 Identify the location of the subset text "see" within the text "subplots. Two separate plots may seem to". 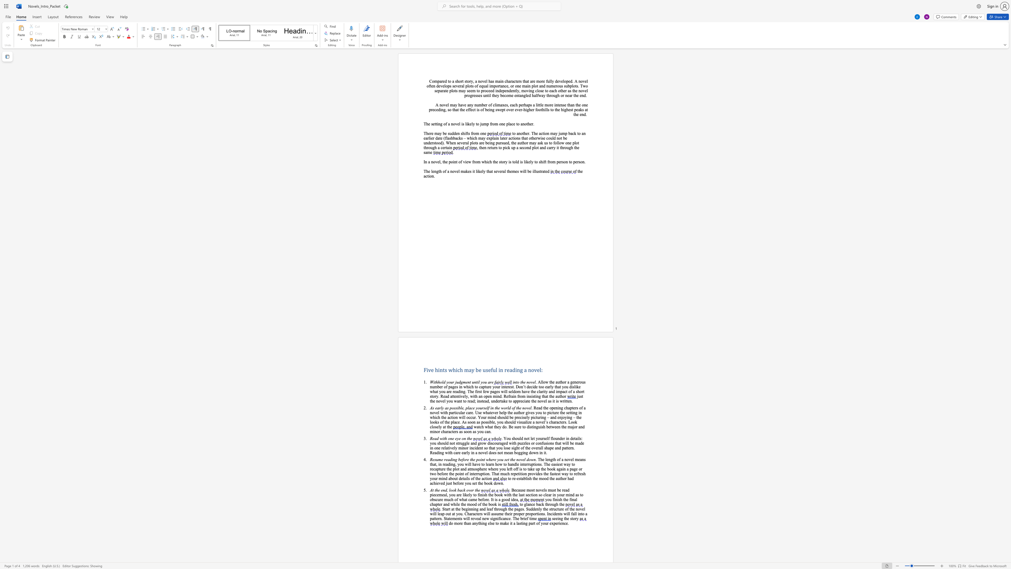
(467, 90).